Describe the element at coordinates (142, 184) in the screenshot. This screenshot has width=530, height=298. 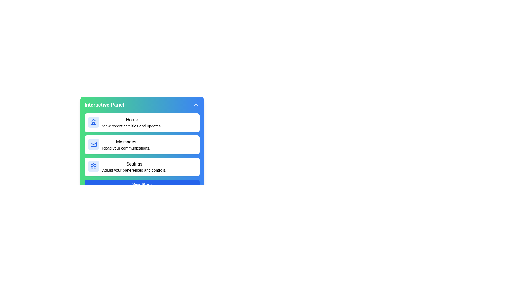
I see `the 'View More' button to load additional features or content` at that location.